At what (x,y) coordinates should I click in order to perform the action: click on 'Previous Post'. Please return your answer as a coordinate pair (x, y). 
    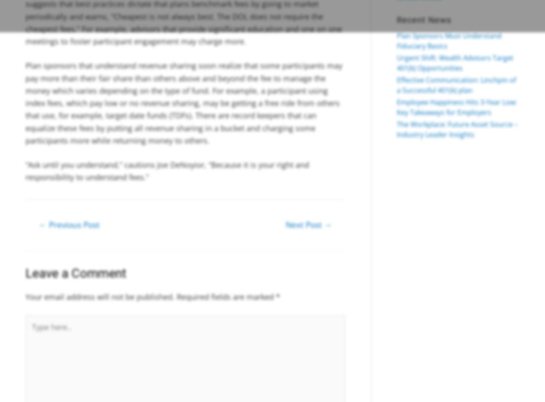
    Looking at the image, I should click on (73, 224).